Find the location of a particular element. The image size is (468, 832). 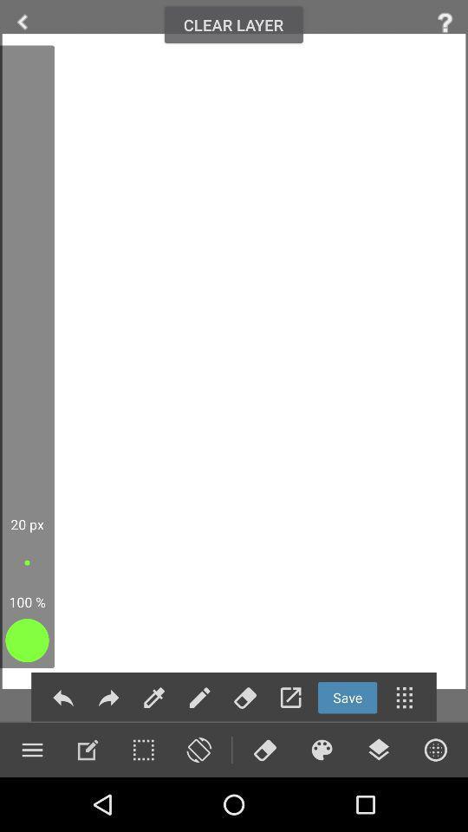

the reply icon is located at coordinates (62, 698).